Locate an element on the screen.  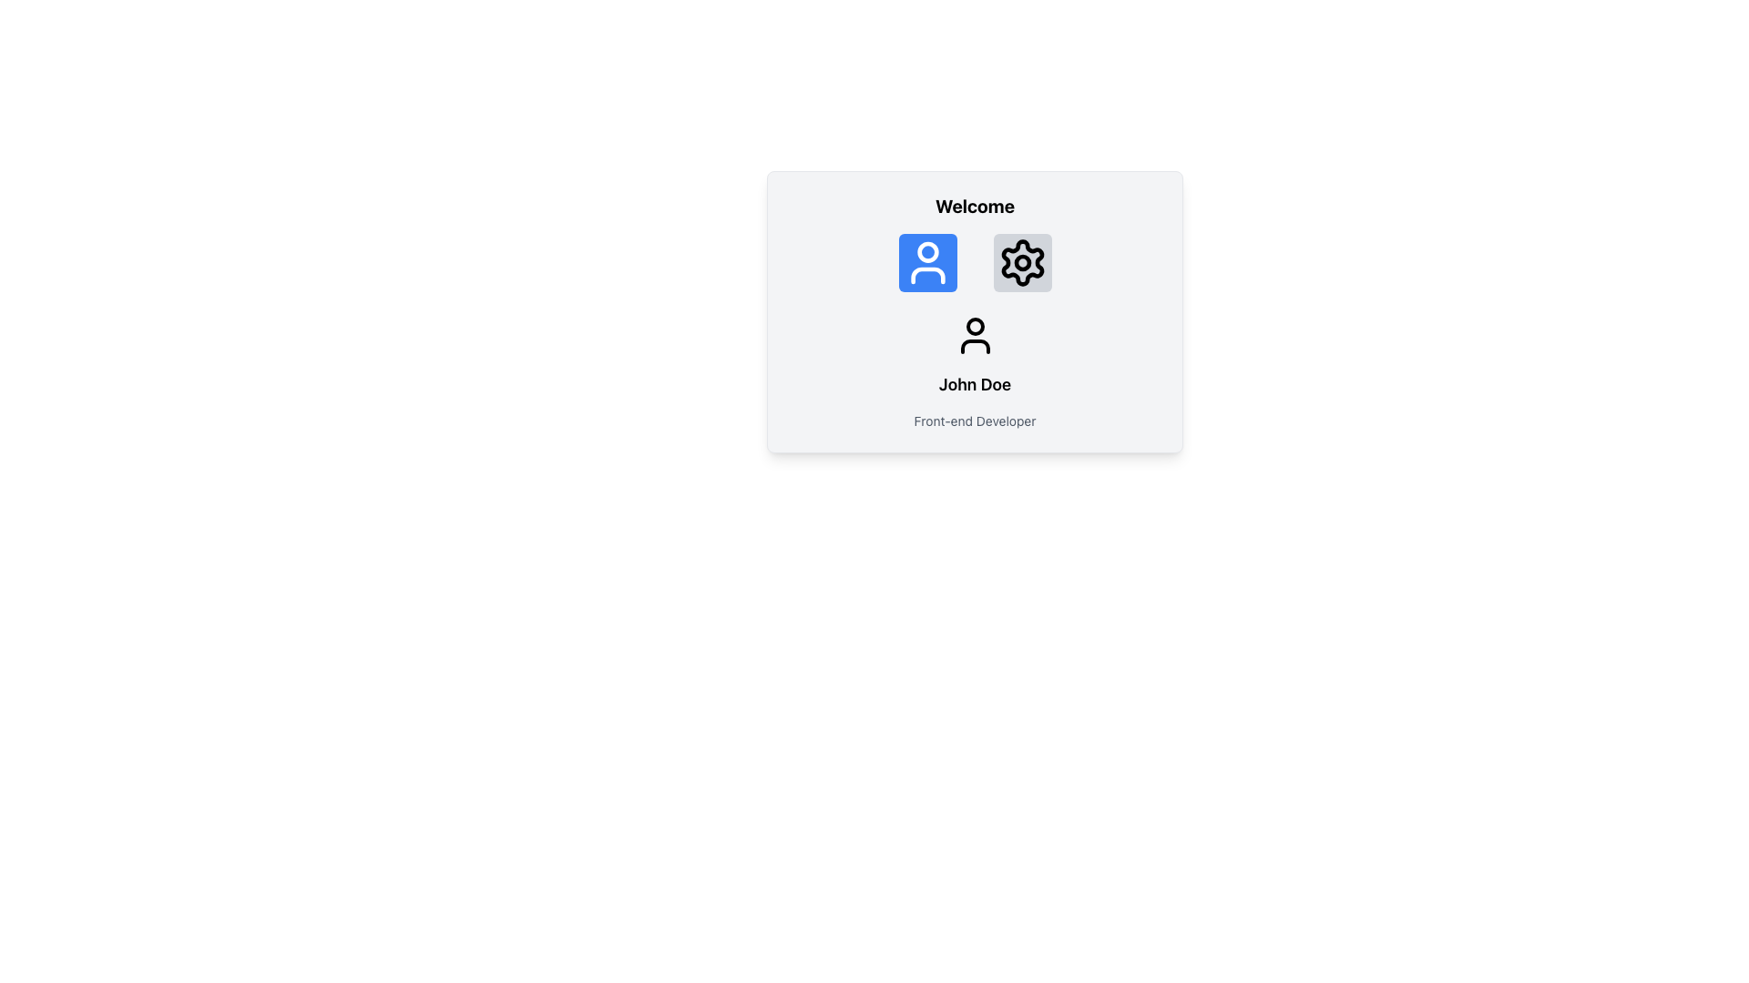
the circular graphical shape within the user profile icon located in the top-left section of the highlighted card is located at coordinates (974, 325).